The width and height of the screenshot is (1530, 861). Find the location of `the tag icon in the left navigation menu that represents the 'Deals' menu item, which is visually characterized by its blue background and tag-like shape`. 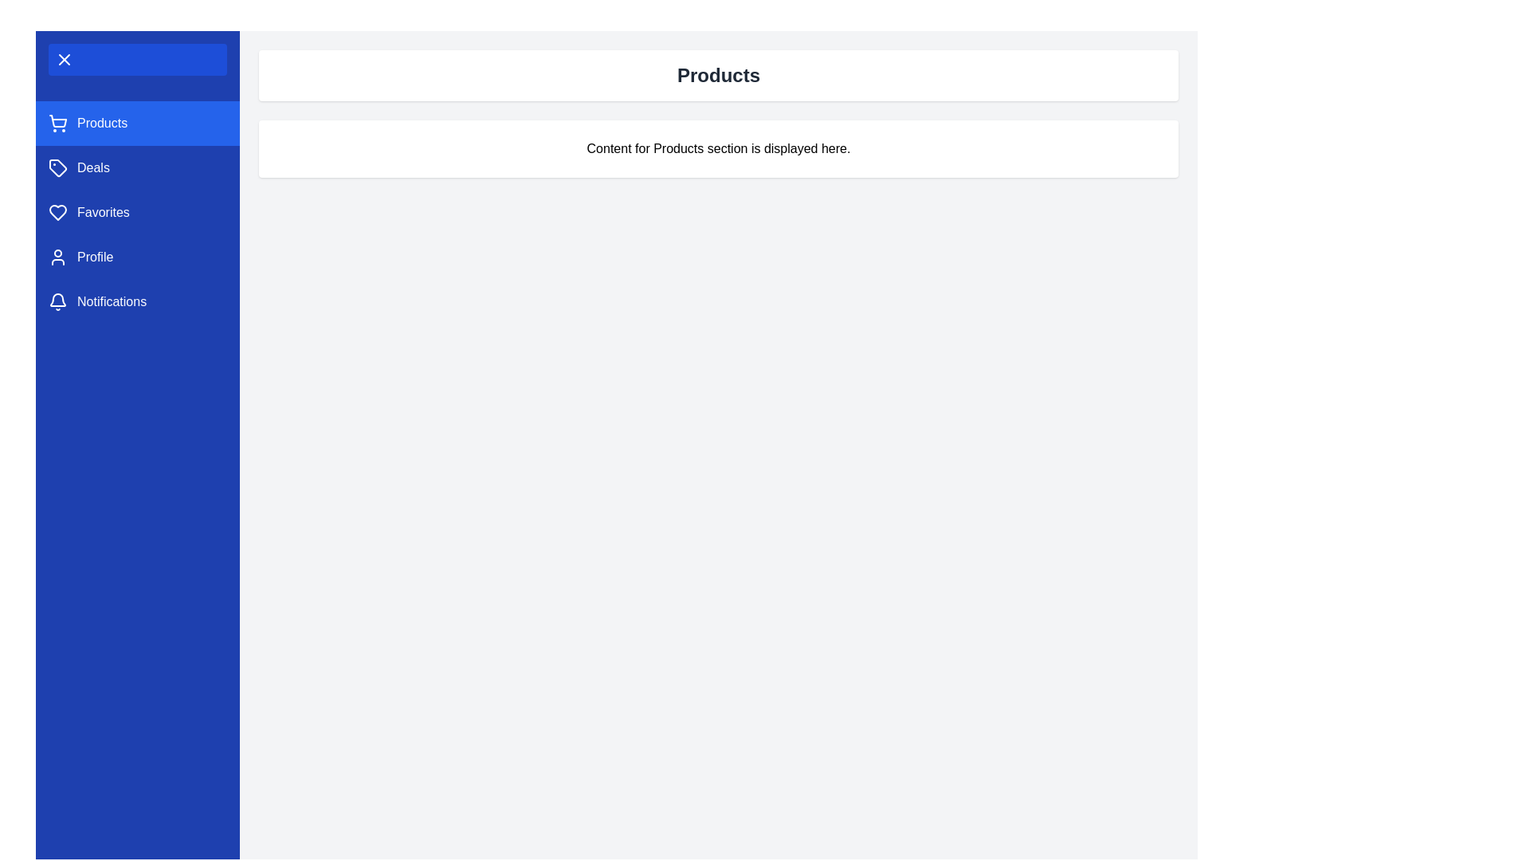

the tag icon in the left navigation menu that represents the 'Deals' menu item, which is visually characterized by its blue background and tag-like shape is located at coordinates (57, 168).